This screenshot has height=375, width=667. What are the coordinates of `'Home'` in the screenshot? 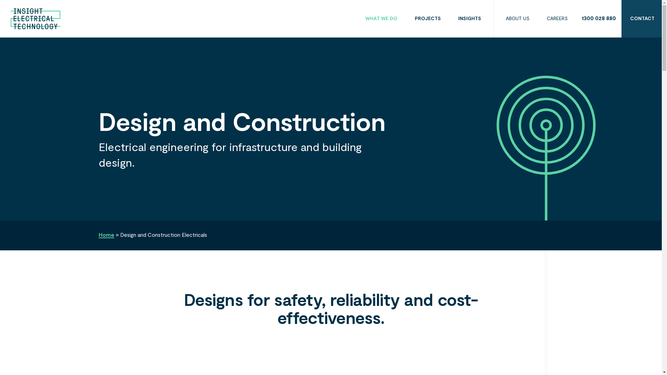 It's located at (98, 235).